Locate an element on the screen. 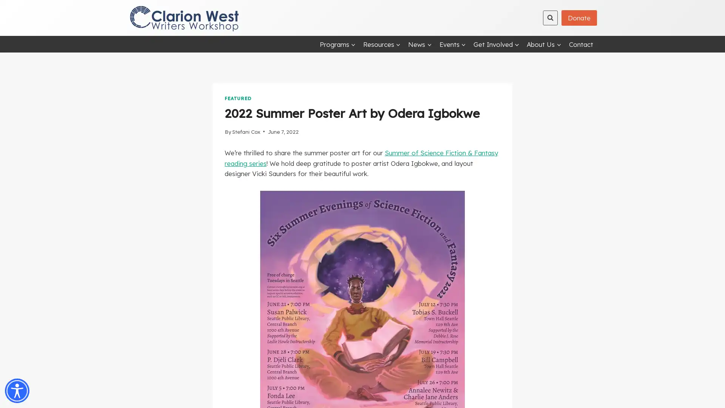 This screenshot has height=408, width=725. Accessibility Menu is located at coordinates (17, 391).